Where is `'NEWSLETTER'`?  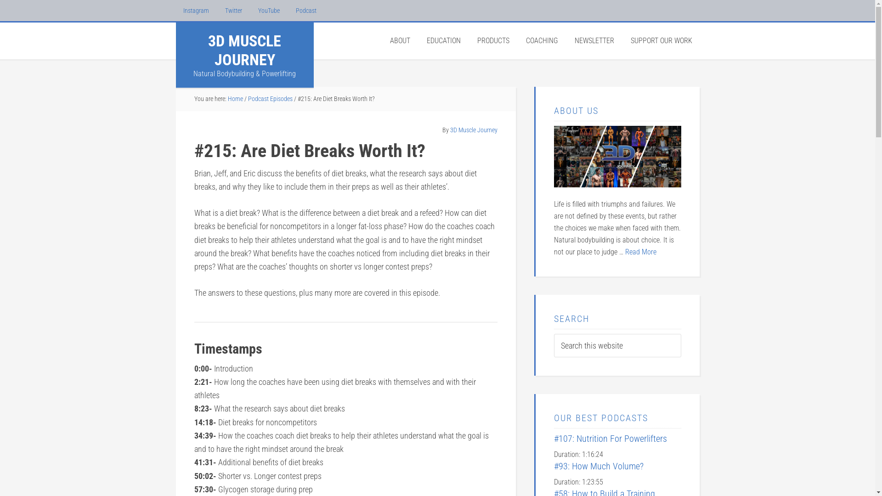
'NEWSLETTER' is located at coordinates (594, 40).